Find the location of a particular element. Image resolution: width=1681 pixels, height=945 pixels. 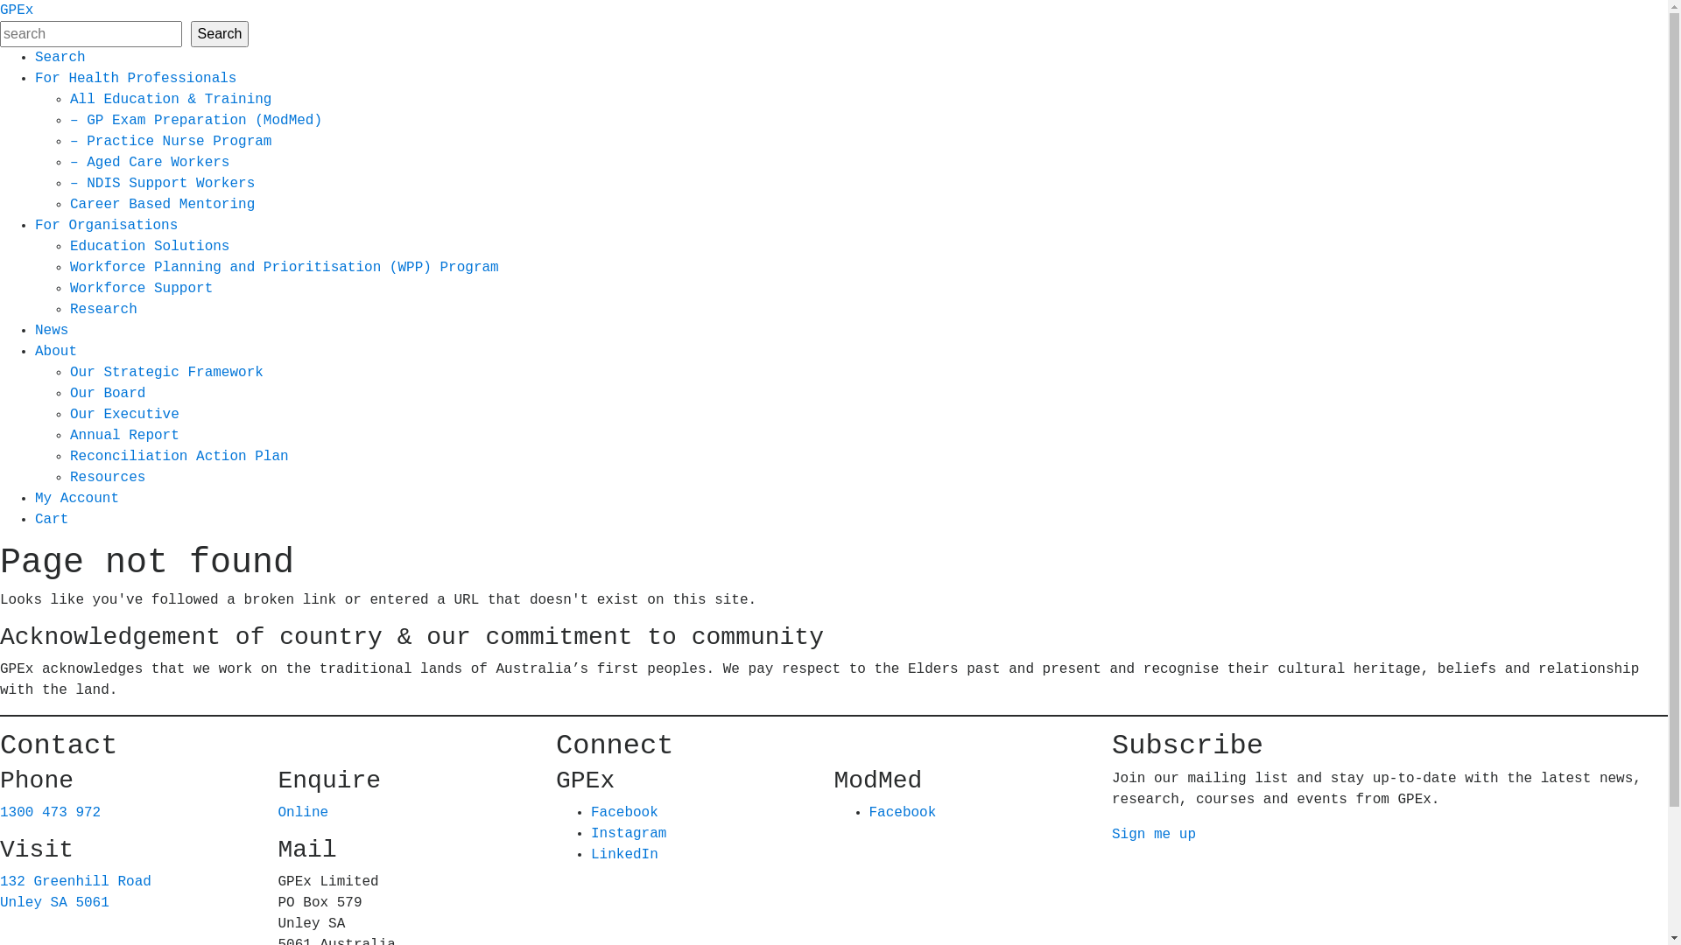

'News' is located at coordinates (51, 331).